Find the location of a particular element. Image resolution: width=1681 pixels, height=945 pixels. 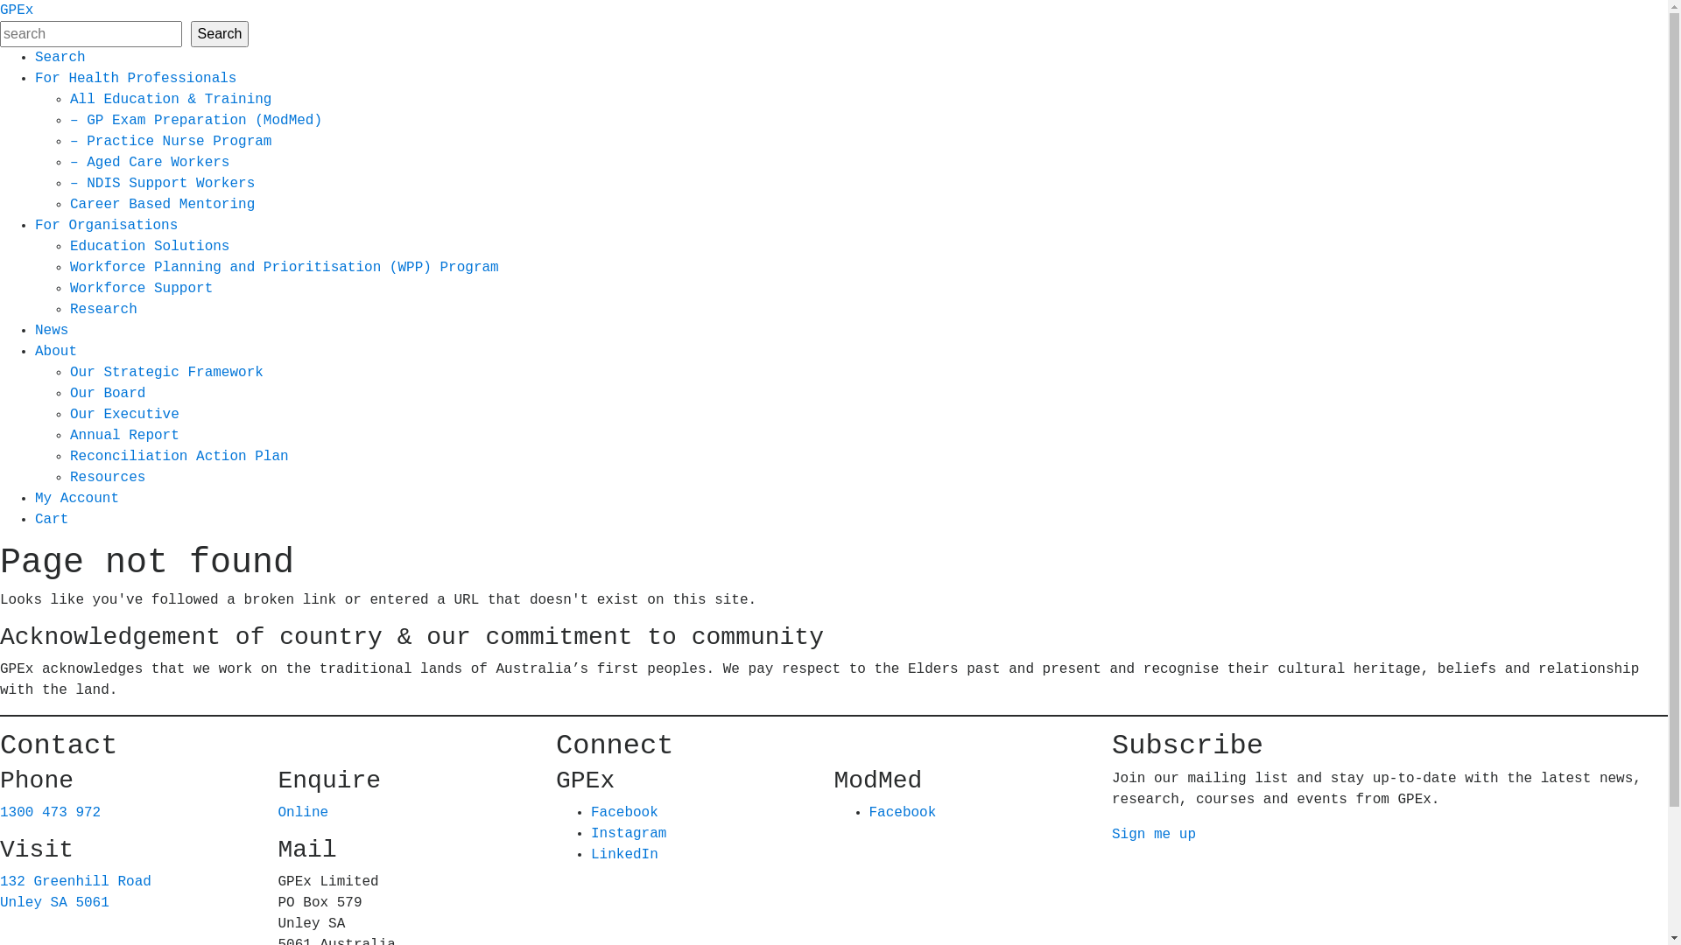

'News' is located at coordinates (51, 331).